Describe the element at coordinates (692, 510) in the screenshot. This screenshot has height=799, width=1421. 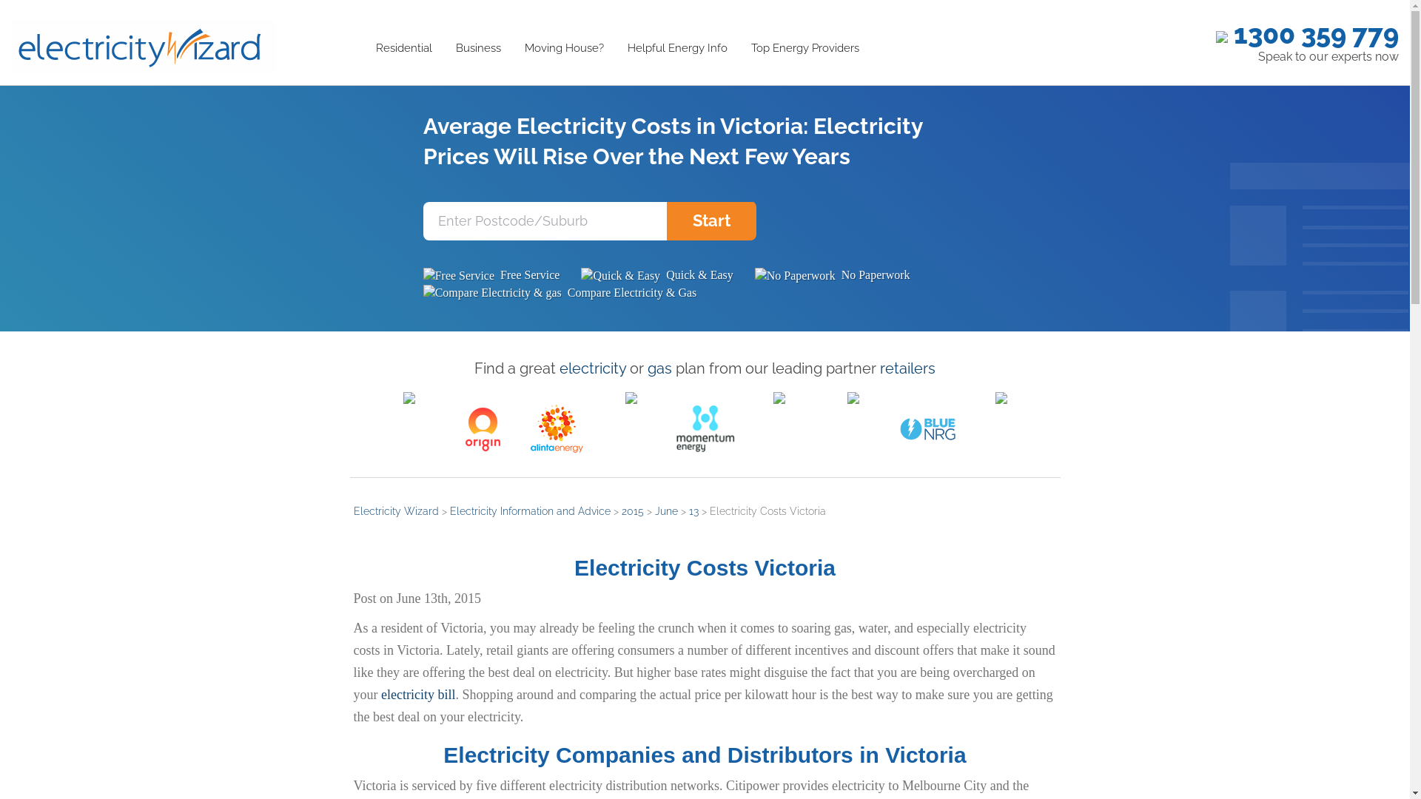
I see `'13'` at that location.